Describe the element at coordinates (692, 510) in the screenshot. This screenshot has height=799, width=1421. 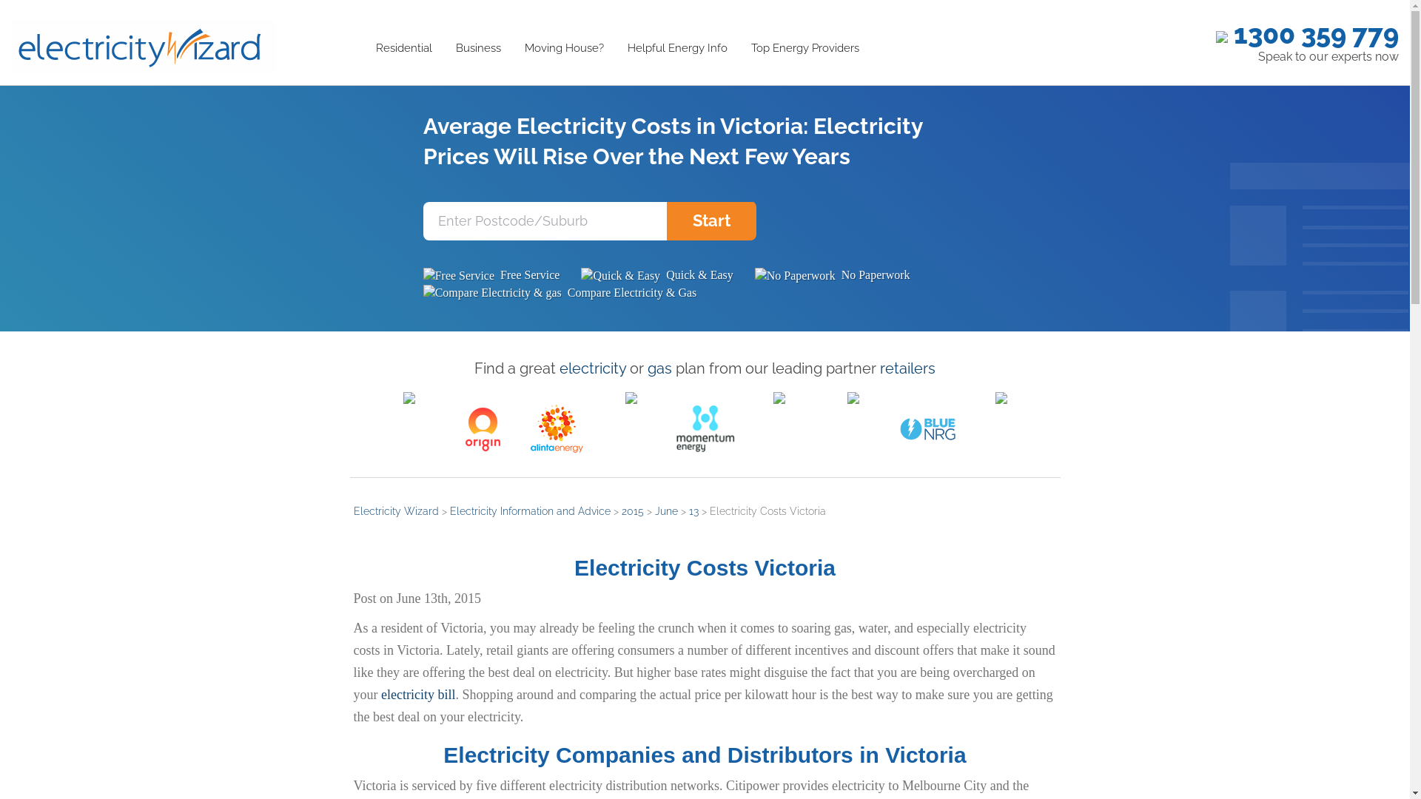
I see `'13'` at that location.